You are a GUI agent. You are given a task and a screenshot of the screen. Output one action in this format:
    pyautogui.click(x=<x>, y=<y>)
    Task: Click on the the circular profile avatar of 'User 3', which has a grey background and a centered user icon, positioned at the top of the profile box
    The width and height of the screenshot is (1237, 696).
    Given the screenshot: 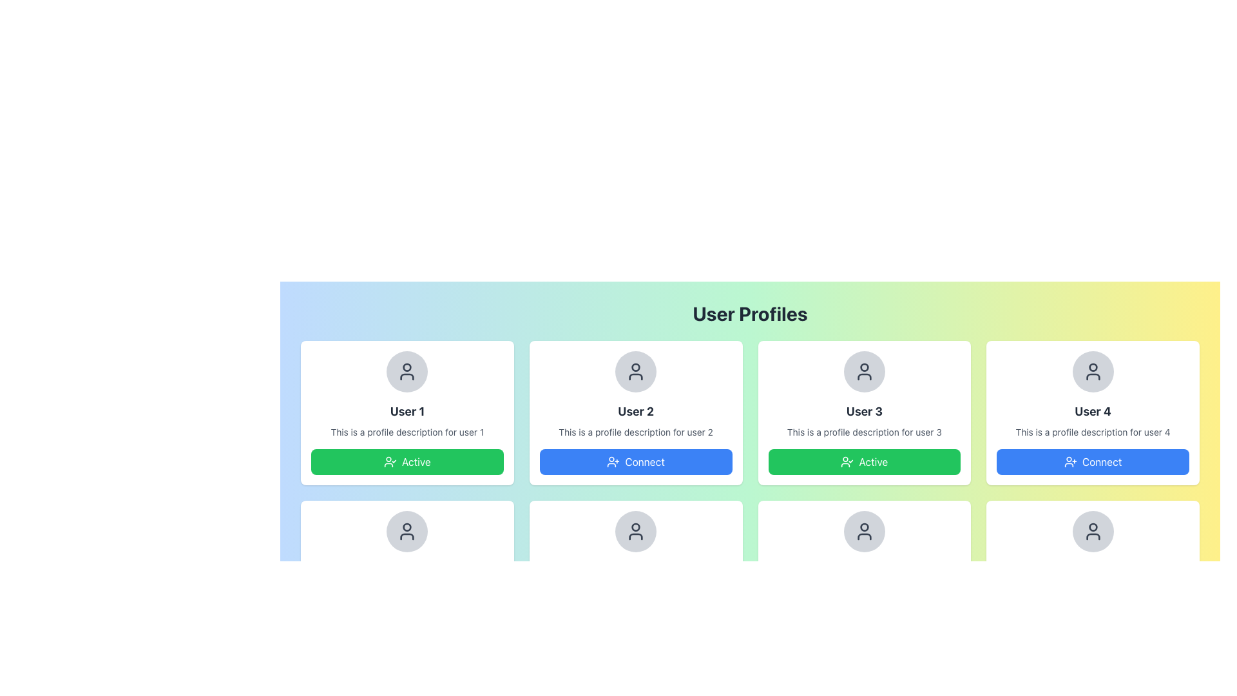 What is the action you would take?
    pyautogui.click(x=864, y=372)
    